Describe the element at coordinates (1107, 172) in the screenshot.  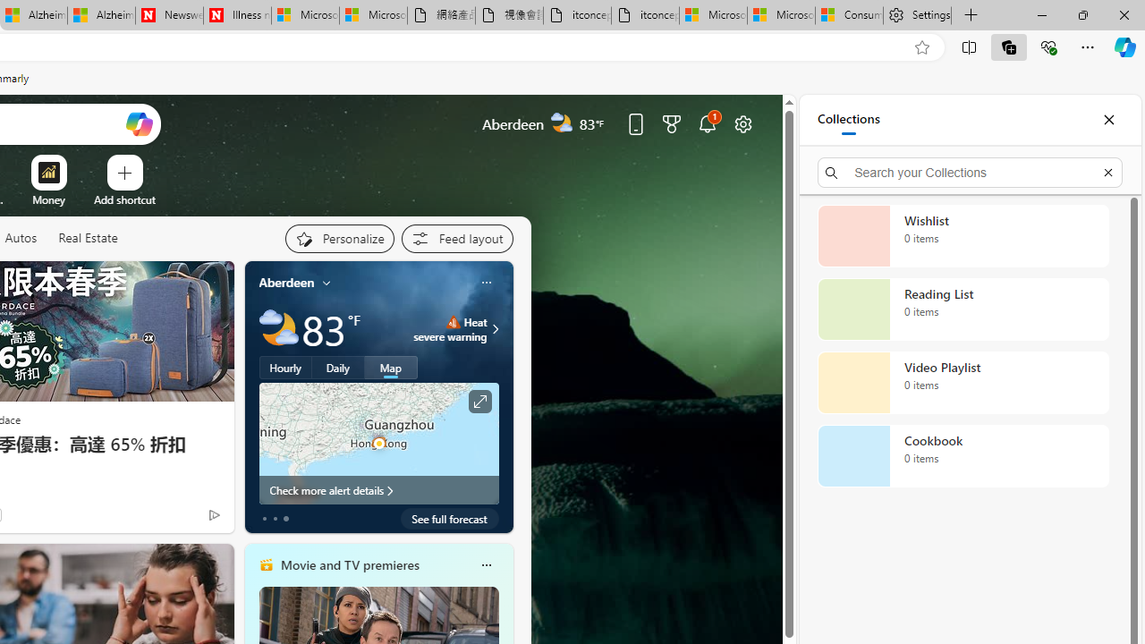
I see `'Exit search'` at that location.